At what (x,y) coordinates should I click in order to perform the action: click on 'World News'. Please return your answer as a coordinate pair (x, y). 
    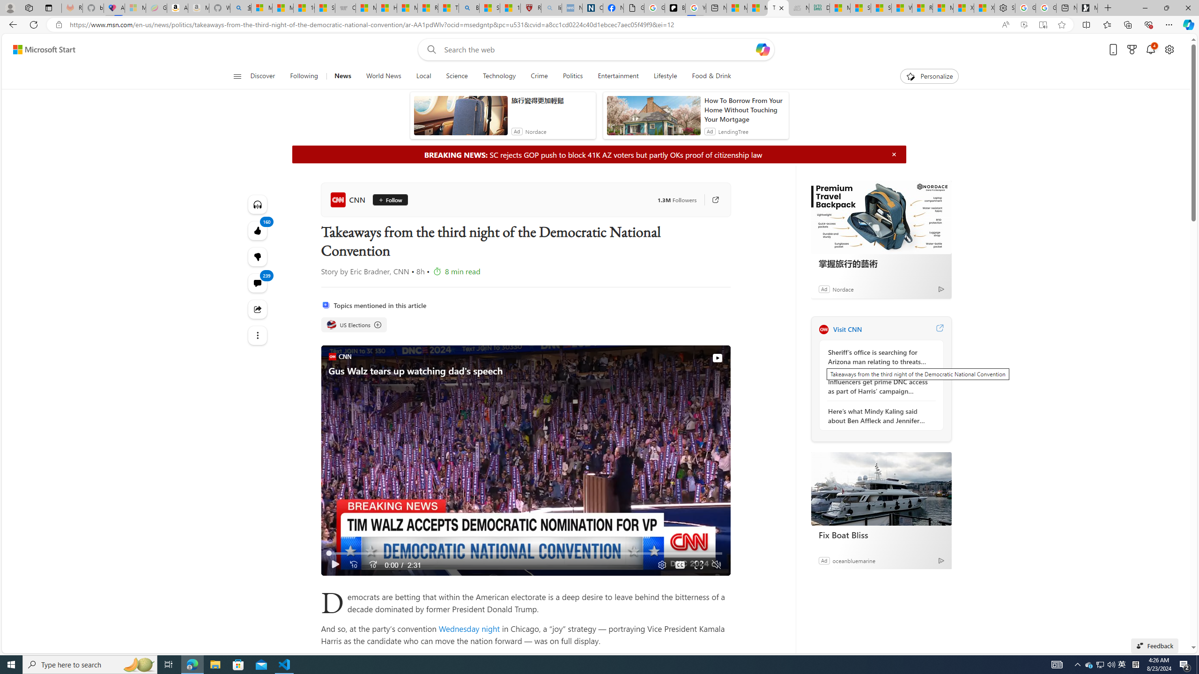
    Looking at the image, I should click on (384, 76).